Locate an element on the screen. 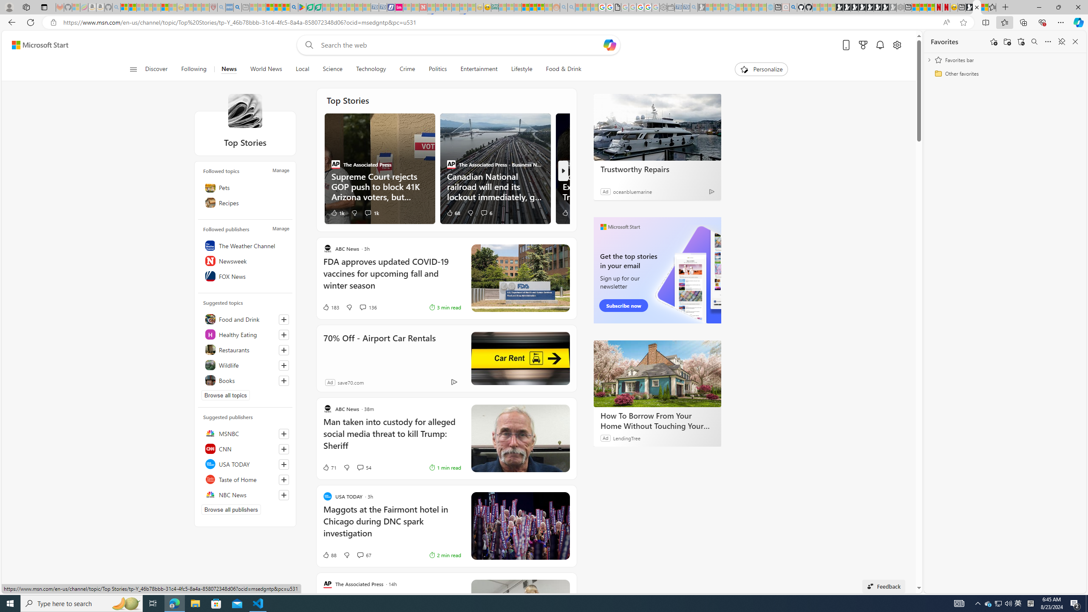  'Search favorites' is located at coordinates (1034, 41).